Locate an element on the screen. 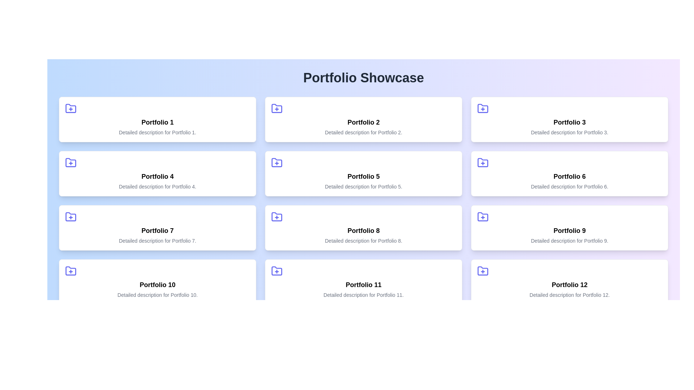  the prominent text component displaying the heading 'Portfolio Showcase', which is styled with large, bold, and centered text in a grayish-black color is located at coordinates (364, 78).